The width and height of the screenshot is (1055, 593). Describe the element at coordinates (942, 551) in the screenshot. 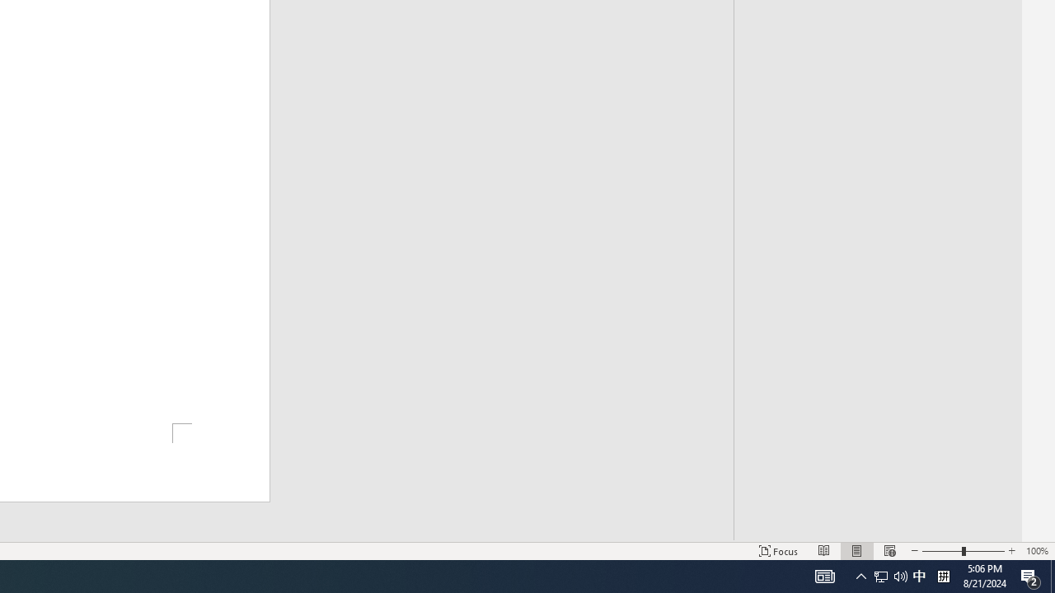

I see `'Zoom Out'` at that location.